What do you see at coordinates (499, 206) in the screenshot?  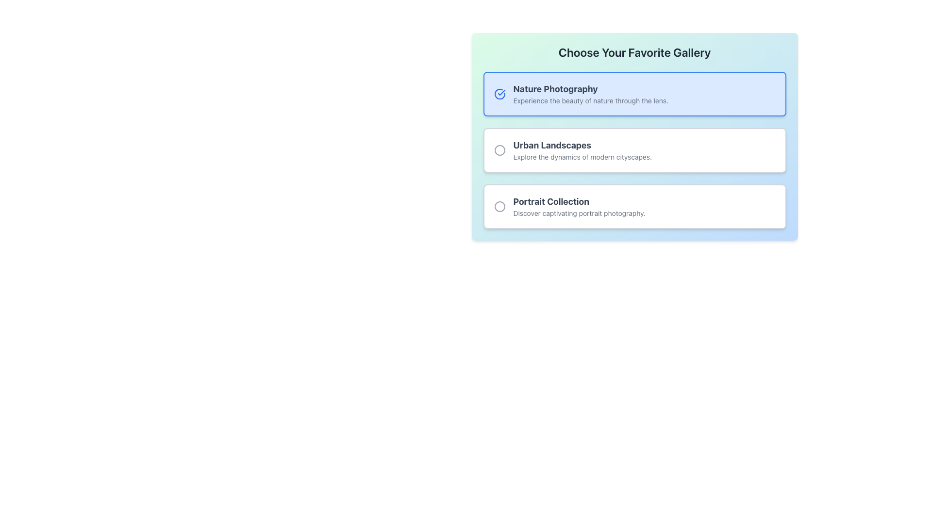 I see `the circular radio button indicator with a gray border located to the left of the 'Portrait Collection' label` at bounding box center [499, 206].